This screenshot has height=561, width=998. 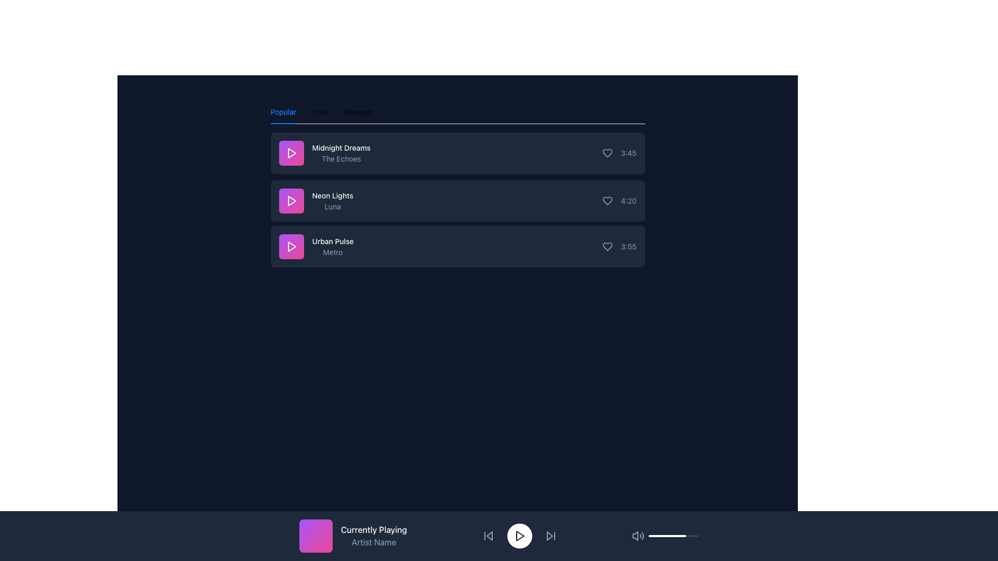 What do you see at coordinates (291, 246) in the screenshot?
I see `the play button for the track 'Urban Pulse' by 'Metro'` at bounding box center [291, 246].